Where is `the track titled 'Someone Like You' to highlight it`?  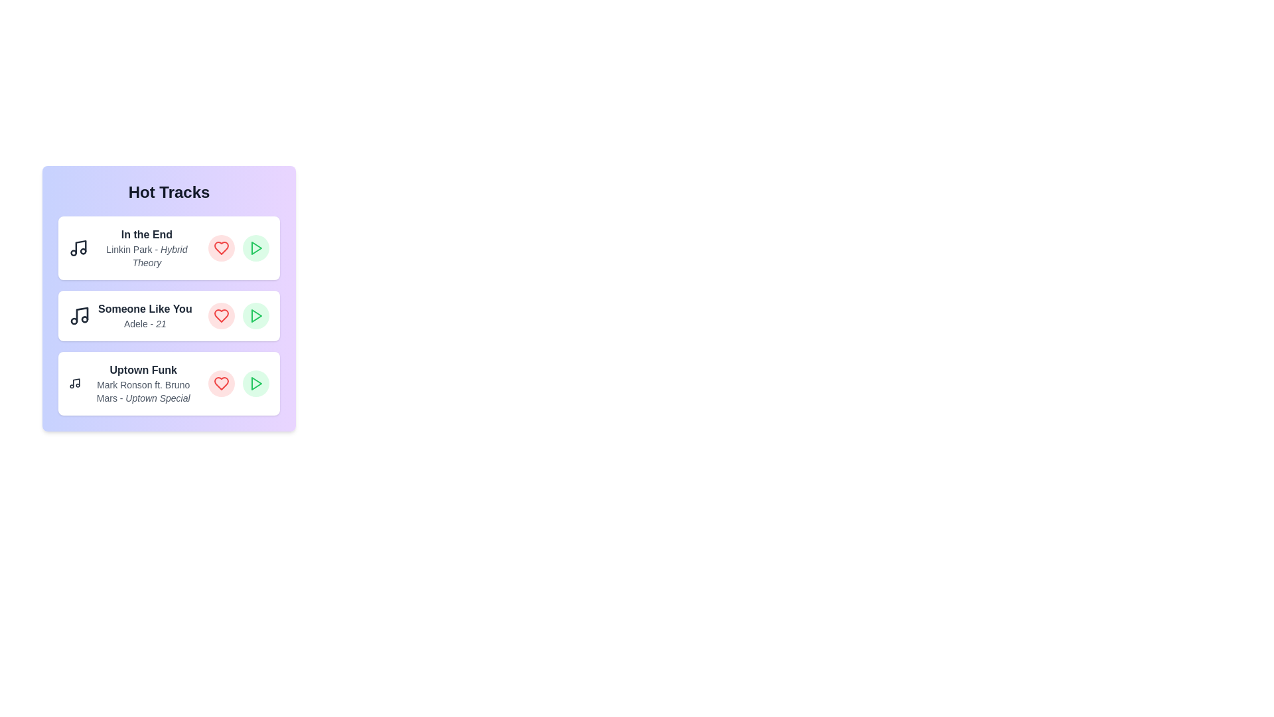
the track titled 'Someone Like You' to highlight it is located at coordinates (168, 315).